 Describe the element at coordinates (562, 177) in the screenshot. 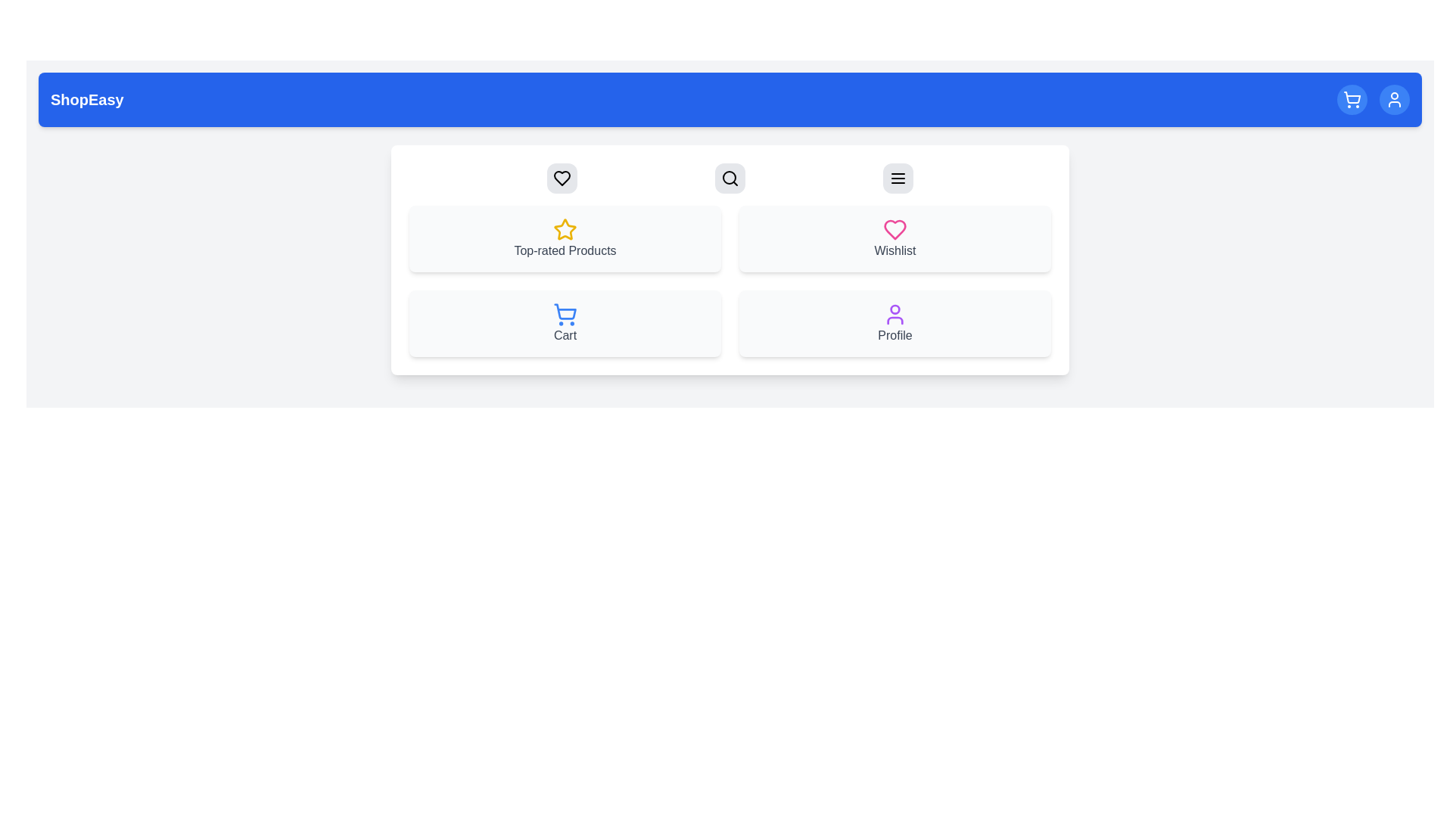

I see `the heart icon located in the upper-right quadrant of the card layout, which serves as a selector for the 'Wishlist' functionality` at that location.